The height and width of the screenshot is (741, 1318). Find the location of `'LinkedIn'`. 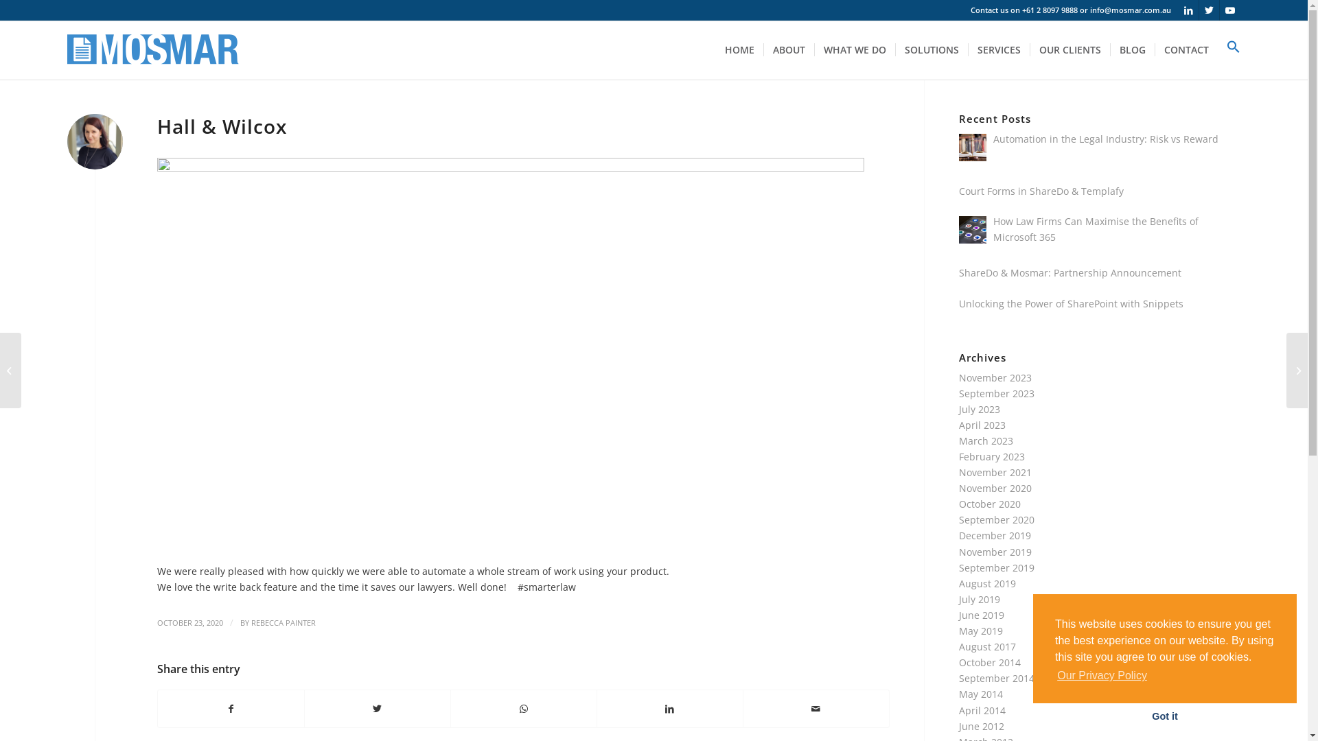

'LinkedIn' is located at coordinates (1188, 10).